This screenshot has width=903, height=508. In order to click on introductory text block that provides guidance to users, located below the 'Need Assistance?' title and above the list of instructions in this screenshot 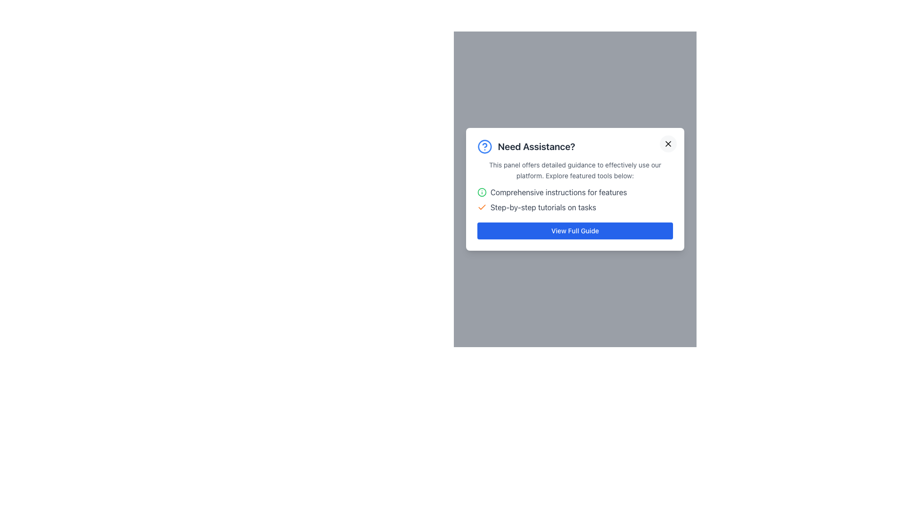, I will do `click(575, 170)`.